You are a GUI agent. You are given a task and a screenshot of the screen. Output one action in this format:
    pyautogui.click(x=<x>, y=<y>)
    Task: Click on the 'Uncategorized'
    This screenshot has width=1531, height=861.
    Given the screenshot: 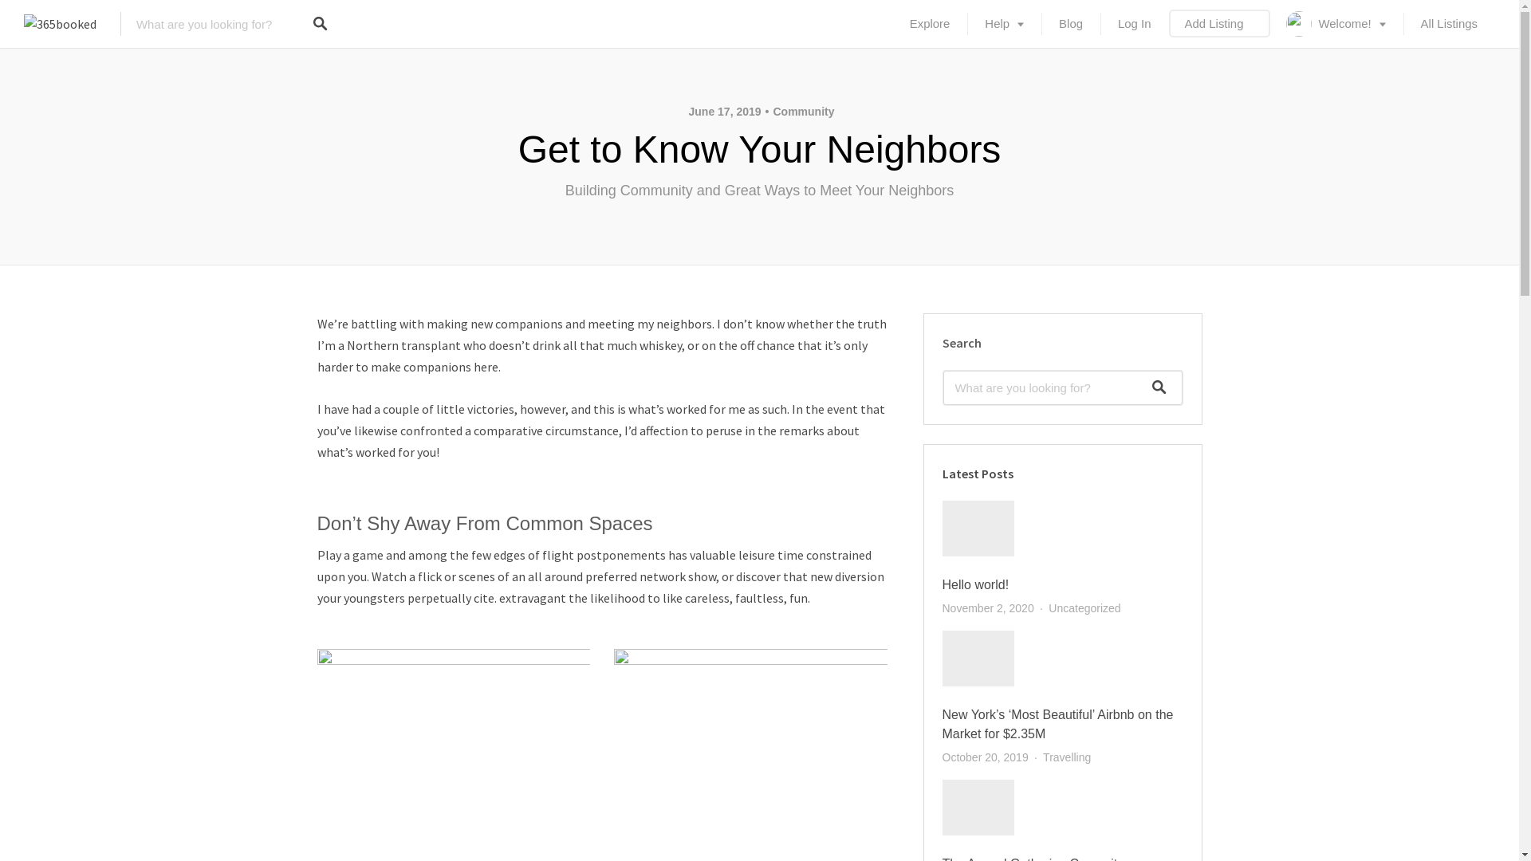 What is the action you would take?
    pyautogui.click(x=1084, y=608)
    